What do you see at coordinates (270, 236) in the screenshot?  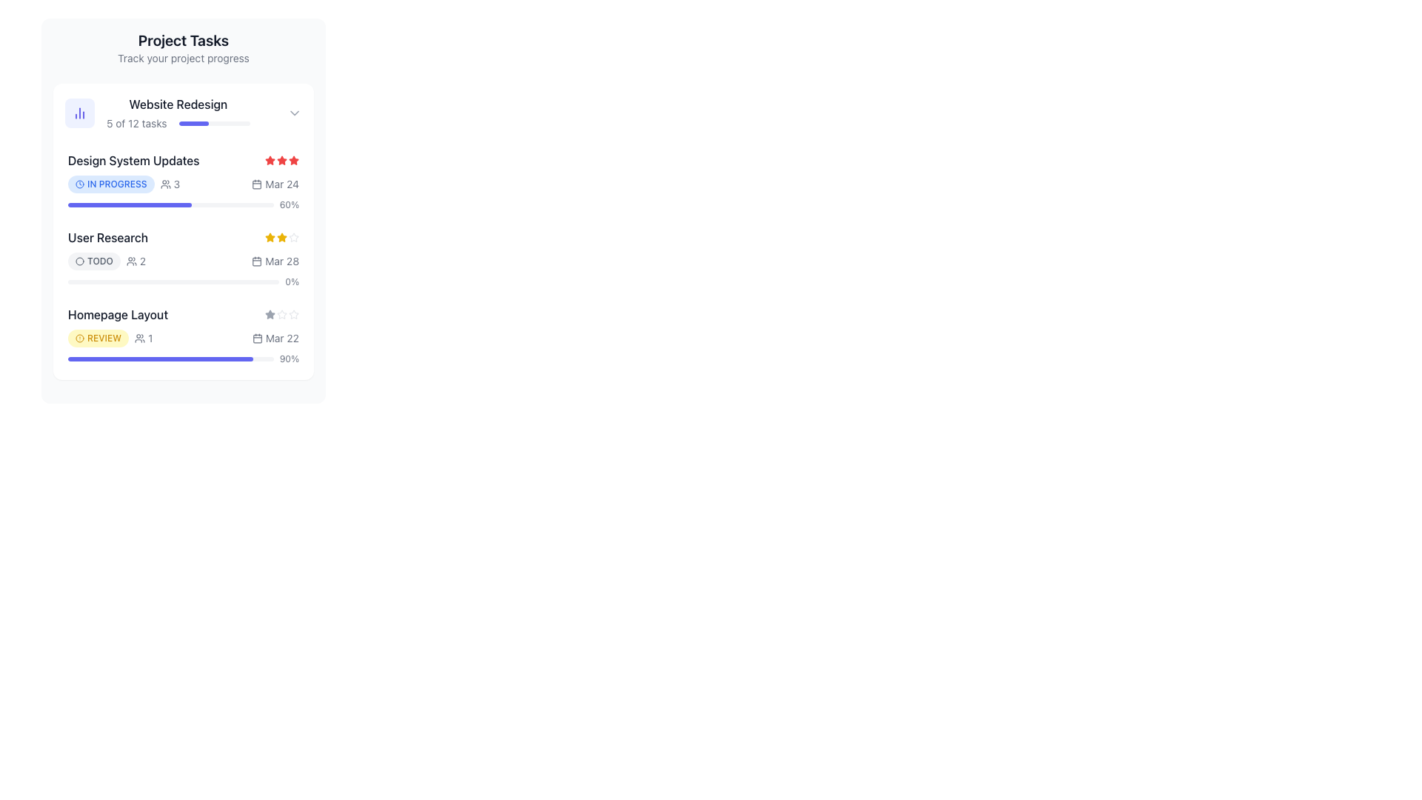 I see `the third yellow star icon representing the rating for the 'User Research' task to assign a rating` at bounding box center [270, 236].